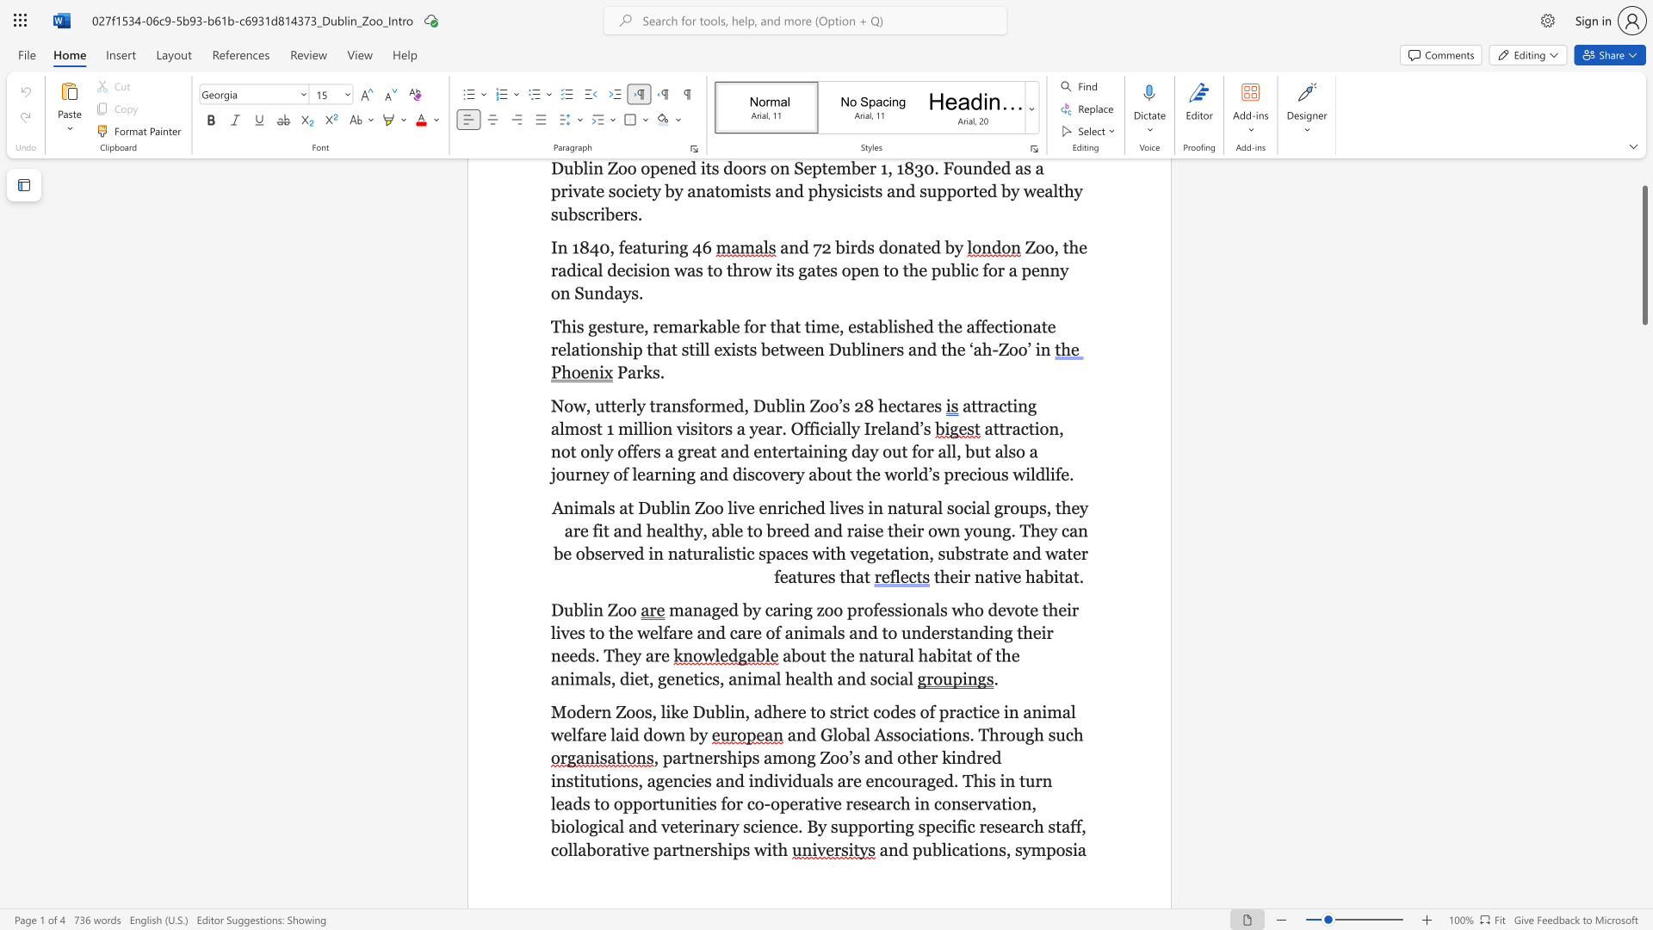 The height and width of the screenshot is (930, 1653). What do you see at coordinates (592, 474) in the screenshot?
I see `the subset text "ey of learning and discovery about the world’s p" within the text "a great and entertaining day out for all, but also a journey of learning and discovery about the world’s precious wildlife"` at bounding box center [592, 474].